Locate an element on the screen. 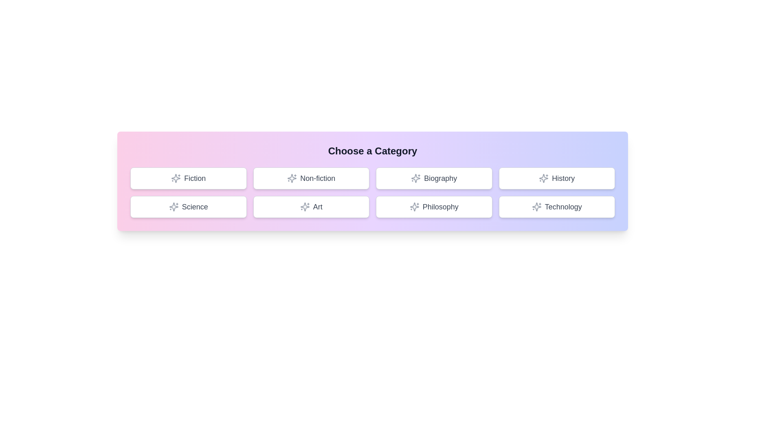  the button labeled Science to select it is located at coordinates (188, 207).